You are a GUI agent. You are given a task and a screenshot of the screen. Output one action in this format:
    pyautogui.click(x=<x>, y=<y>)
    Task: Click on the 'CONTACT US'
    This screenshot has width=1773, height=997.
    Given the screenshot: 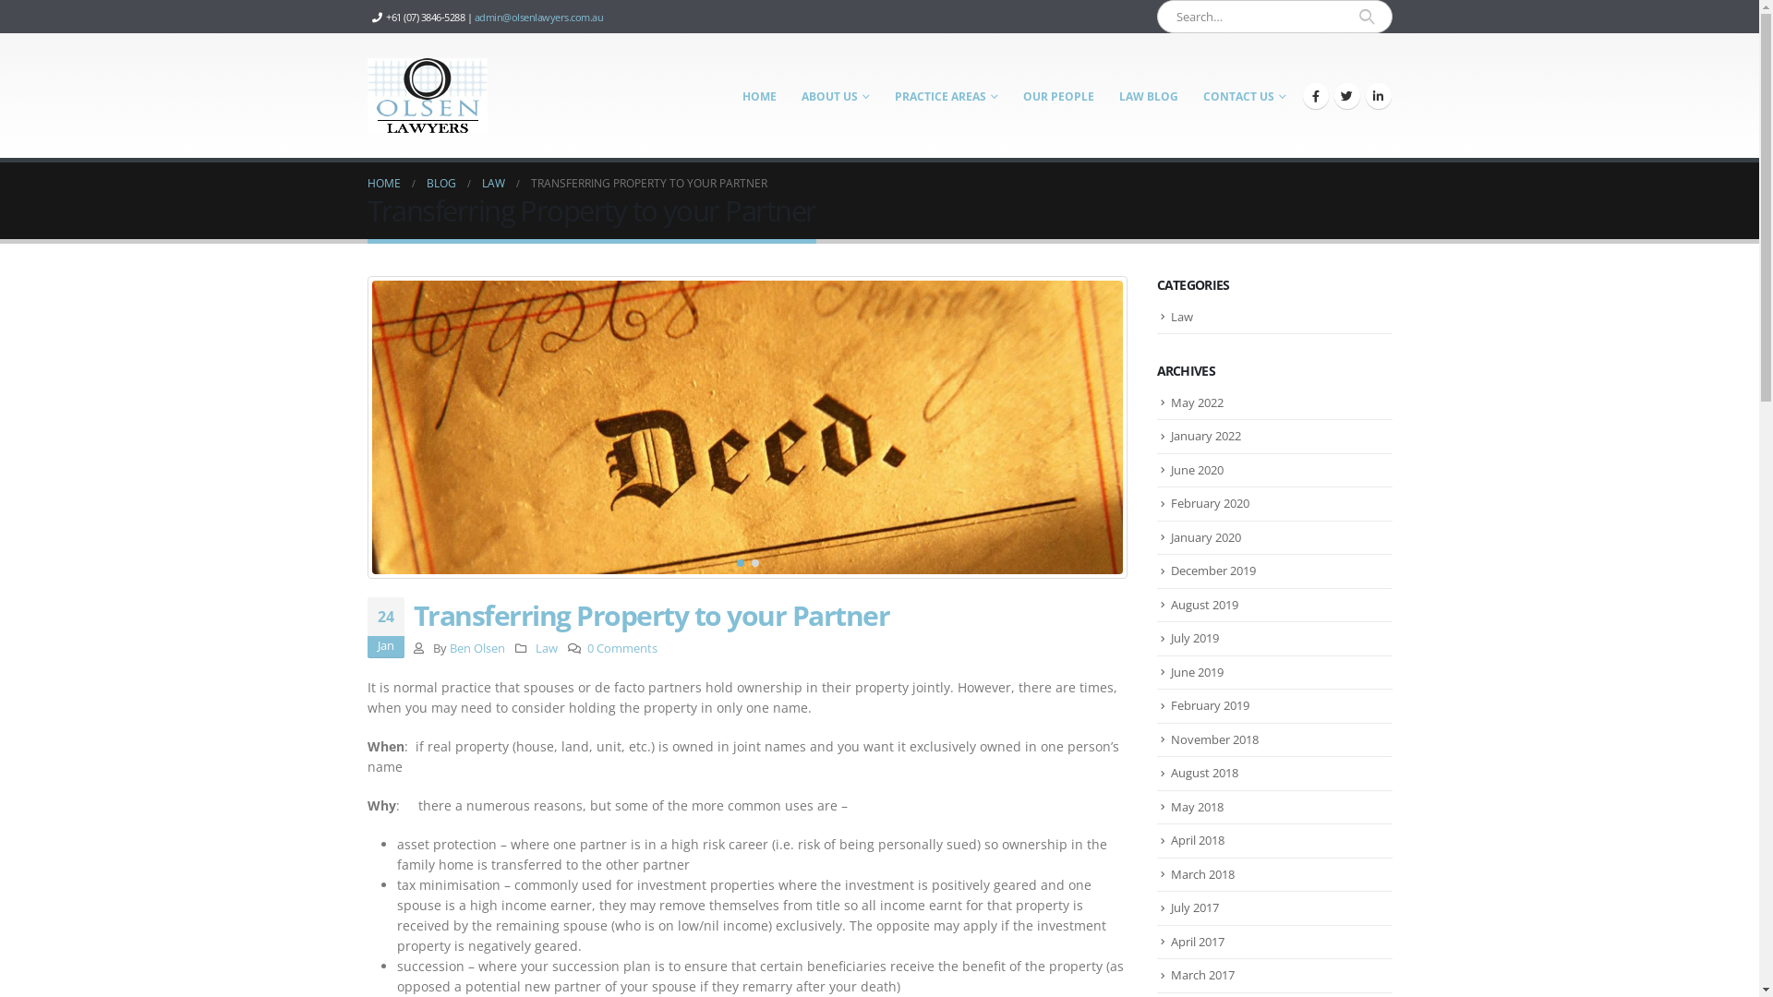 What is the action you would take?
    pyautogui.click(x=1245, y=96)
    